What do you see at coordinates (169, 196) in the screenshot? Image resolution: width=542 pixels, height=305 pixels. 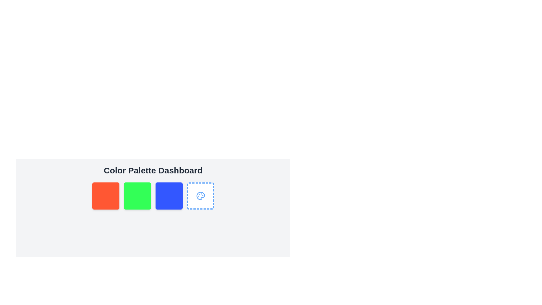 I see `the blue square with rounded corners located in the third position of a horizontal arrangement of four squares` at bounding box center [169, 196].